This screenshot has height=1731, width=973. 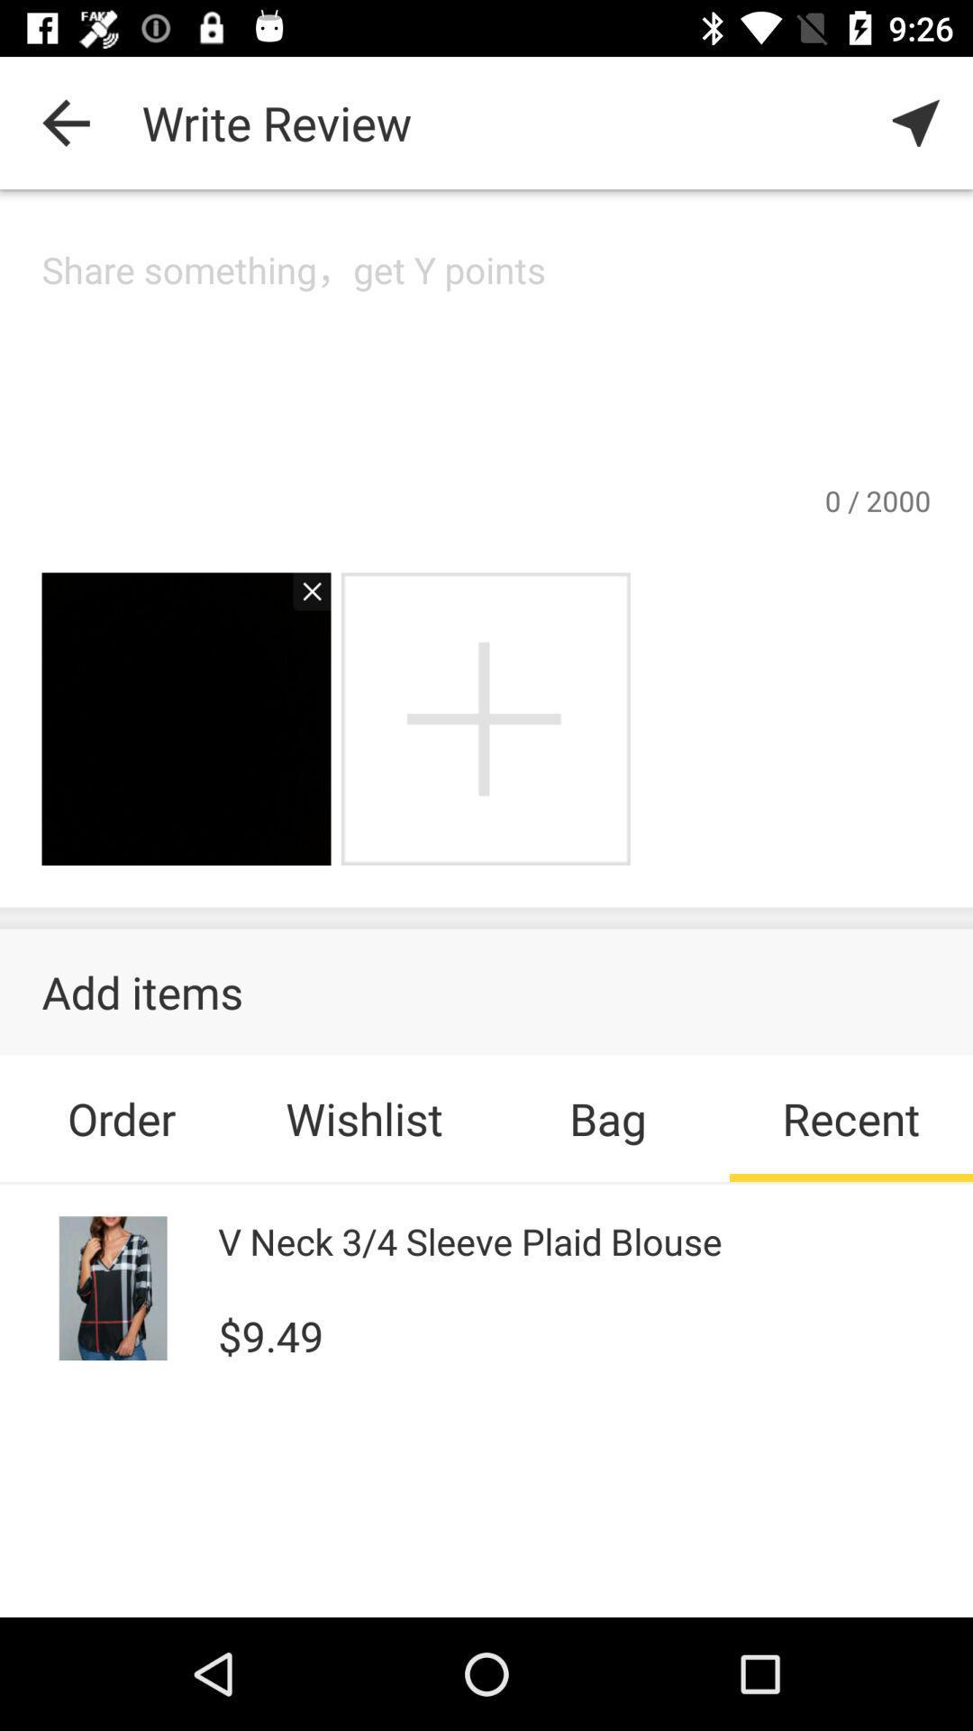 I want to click on icon to the left of the write review app, so click(x=65, y=122).